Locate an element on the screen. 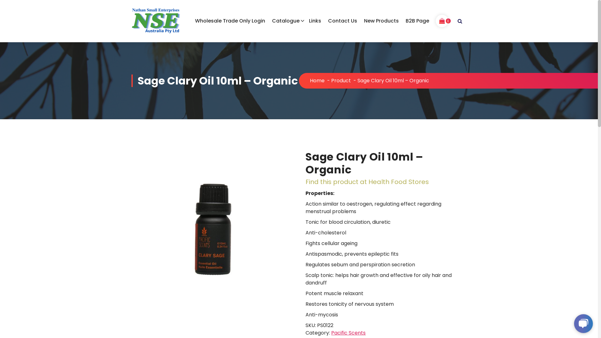 This screenshot has height=338, width=601. 'Links' is located at coordinates (315, 20).